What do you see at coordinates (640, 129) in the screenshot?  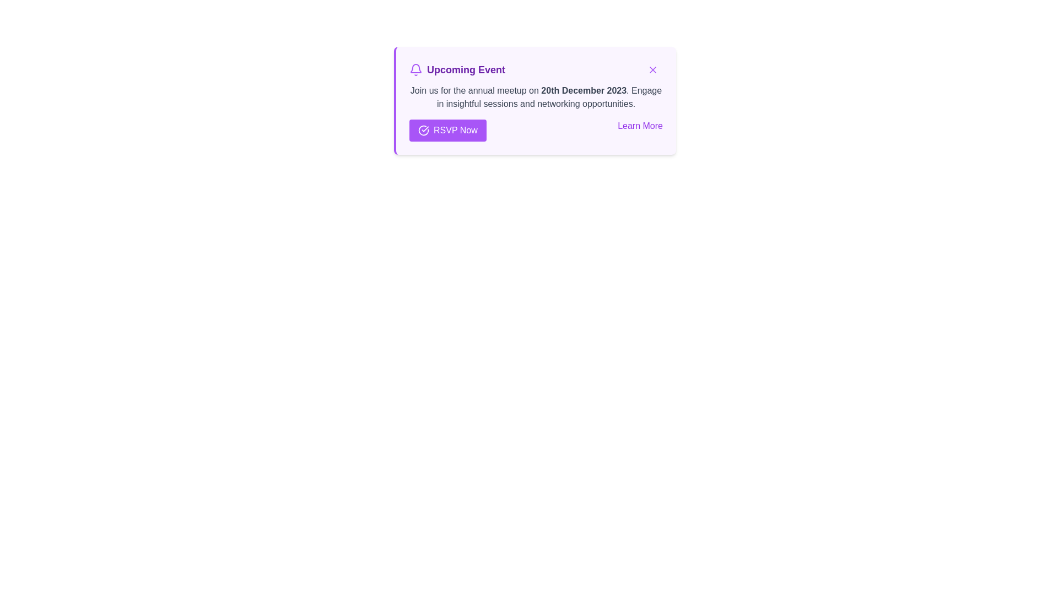 I see `the 'Learn More' hyperlink styled with purple font and an underlined hover effect` at bounding box center [640, 129].